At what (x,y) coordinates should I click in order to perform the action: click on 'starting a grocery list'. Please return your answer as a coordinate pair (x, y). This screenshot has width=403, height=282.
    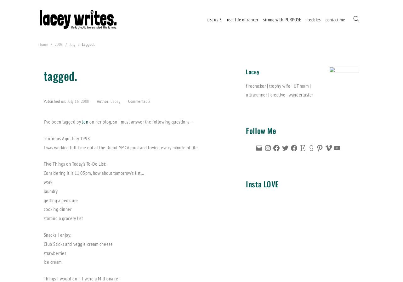
    Looking at the image, I should click on (63, 218).